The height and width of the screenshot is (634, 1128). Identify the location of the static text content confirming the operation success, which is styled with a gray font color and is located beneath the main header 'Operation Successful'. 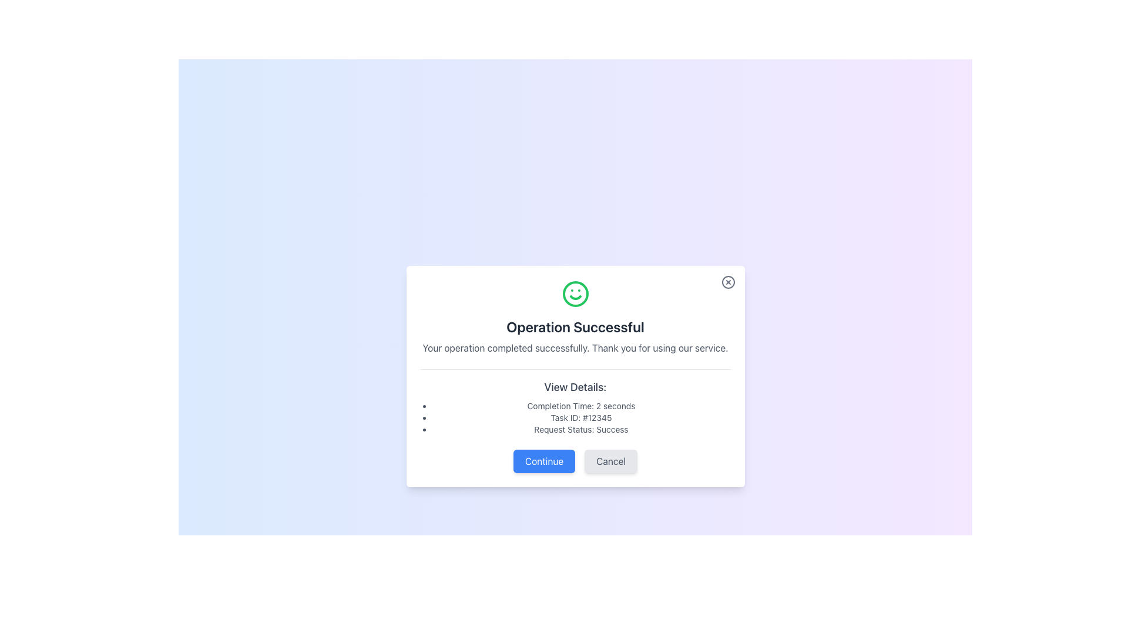
(575, 347).